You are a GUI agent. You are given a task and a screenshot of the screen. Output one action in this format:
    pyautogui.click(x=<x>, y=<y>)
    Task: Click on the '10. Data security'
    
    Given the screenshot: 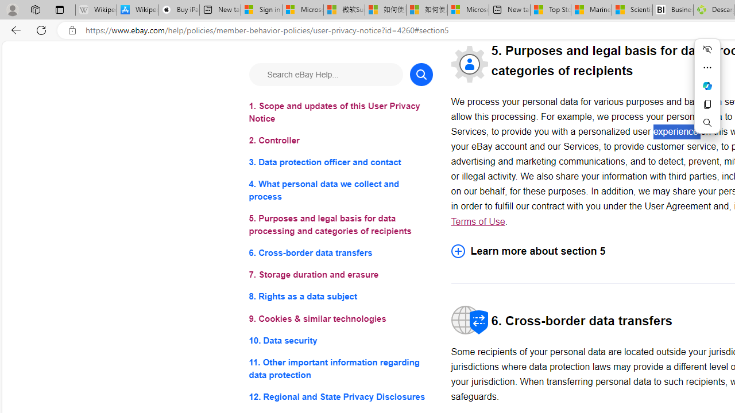 What is the action you would take?
    pyautogui.click(x=340, y=340)
    